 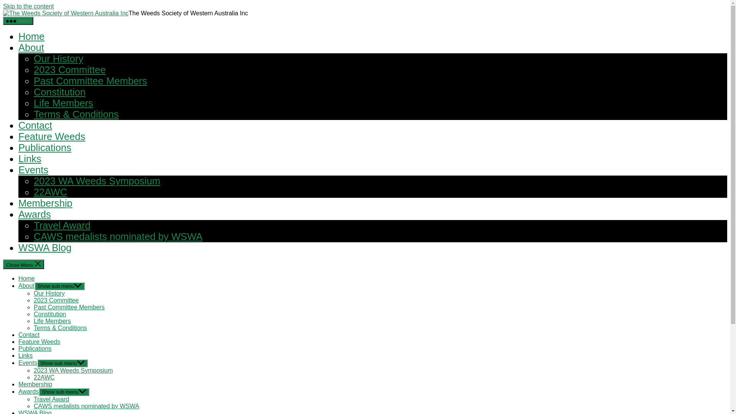 I want to click on 'Publications', so click(x=18, y=148).